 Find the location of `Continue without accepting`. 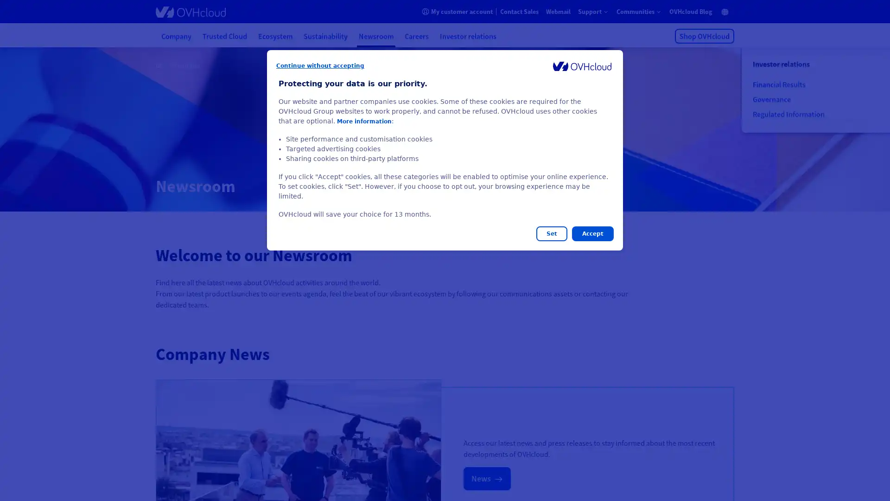

Continue without accepting is located at coordinates (320, 65).